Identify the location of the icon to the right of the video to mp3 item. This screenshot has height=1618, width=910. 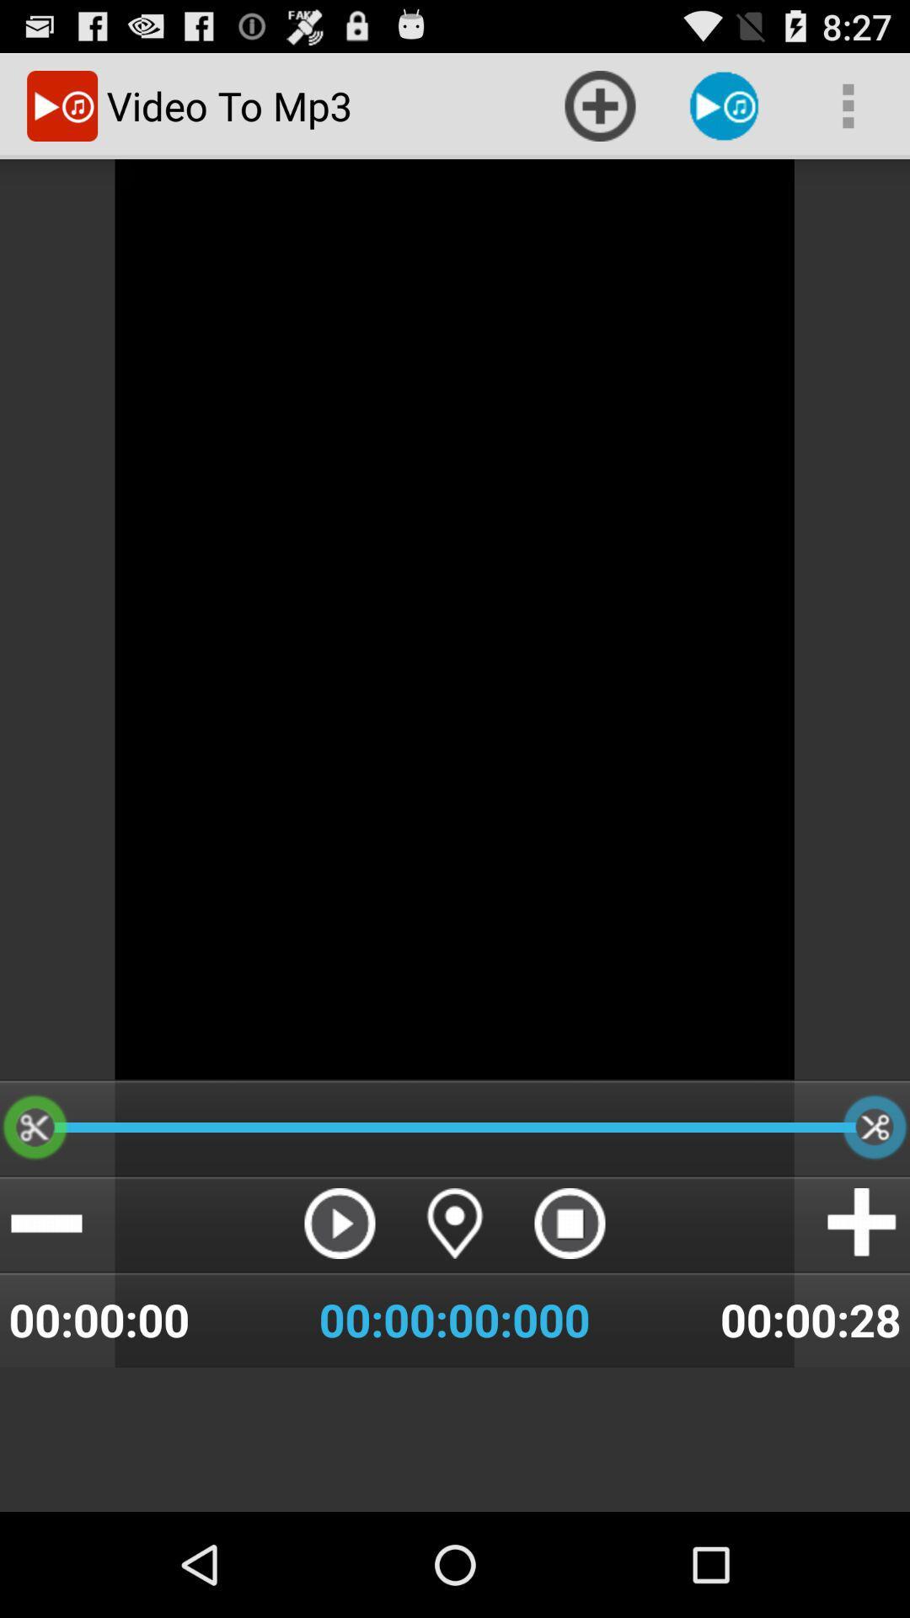
(599, 104).